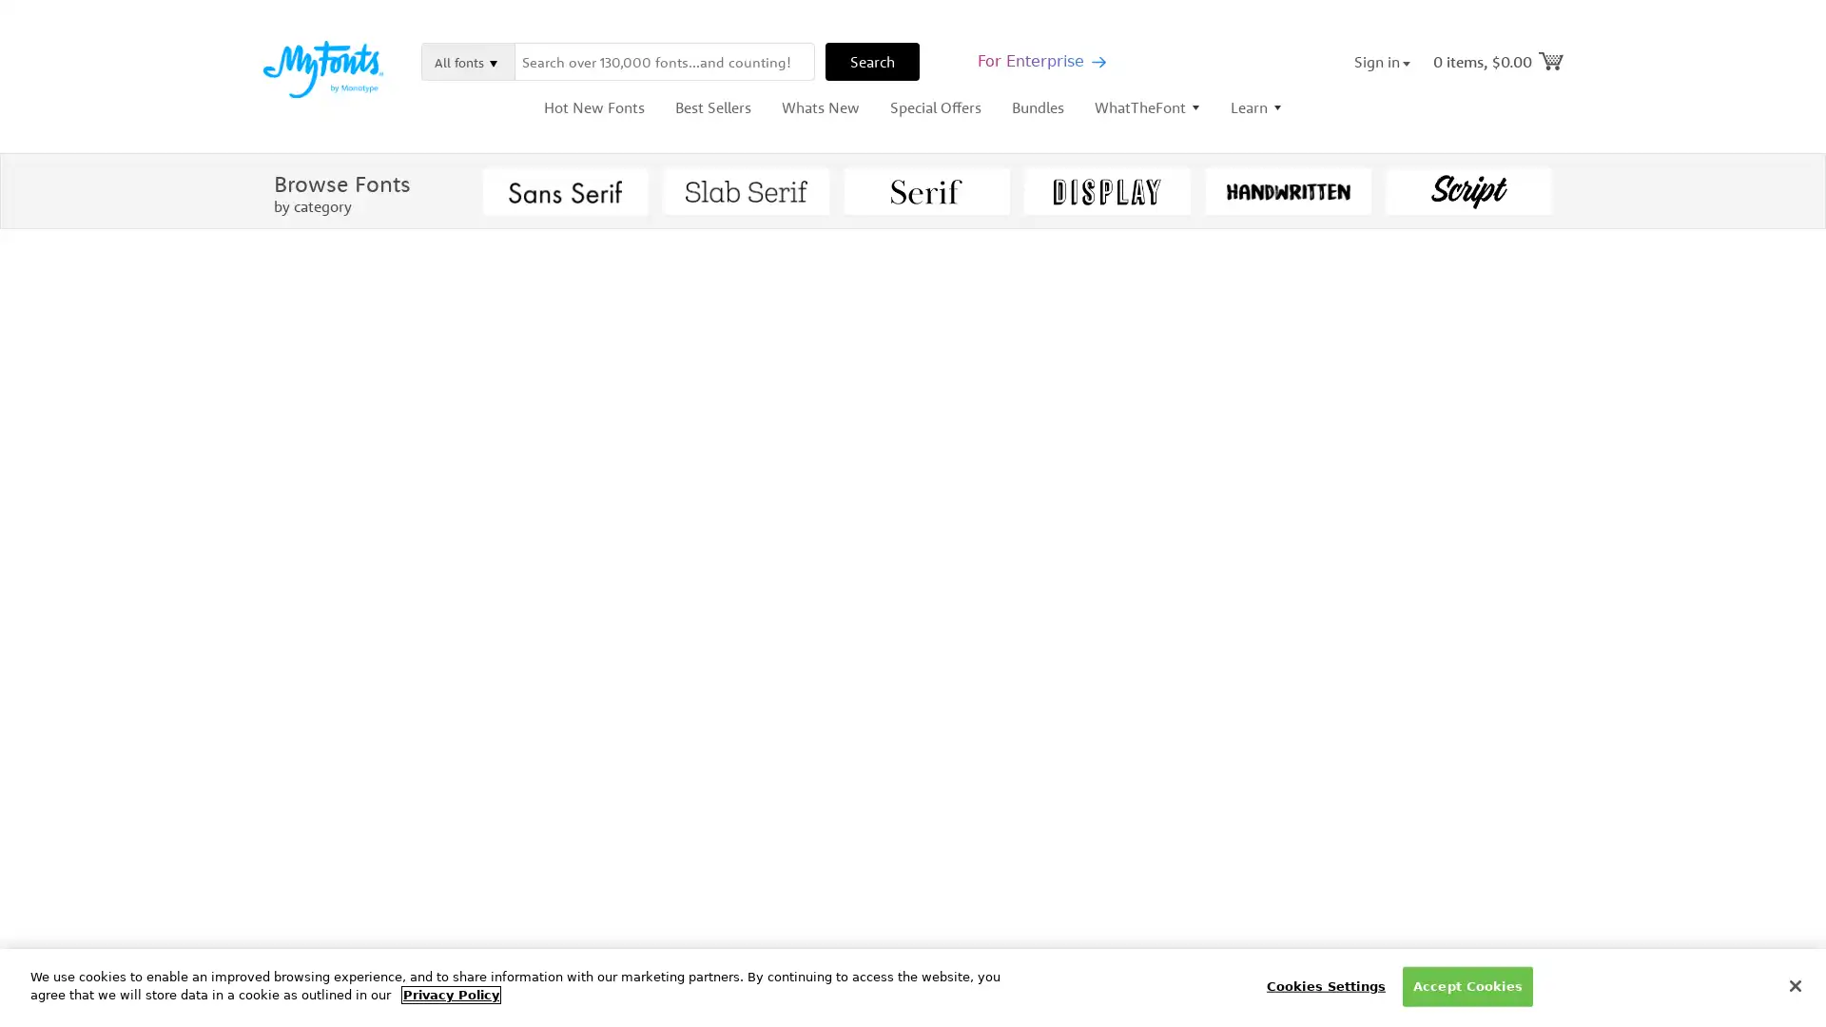  What do you see at coordinates (1255, 107) in the screenshot?
I see `Learn` at bounding box center [1255, 107].